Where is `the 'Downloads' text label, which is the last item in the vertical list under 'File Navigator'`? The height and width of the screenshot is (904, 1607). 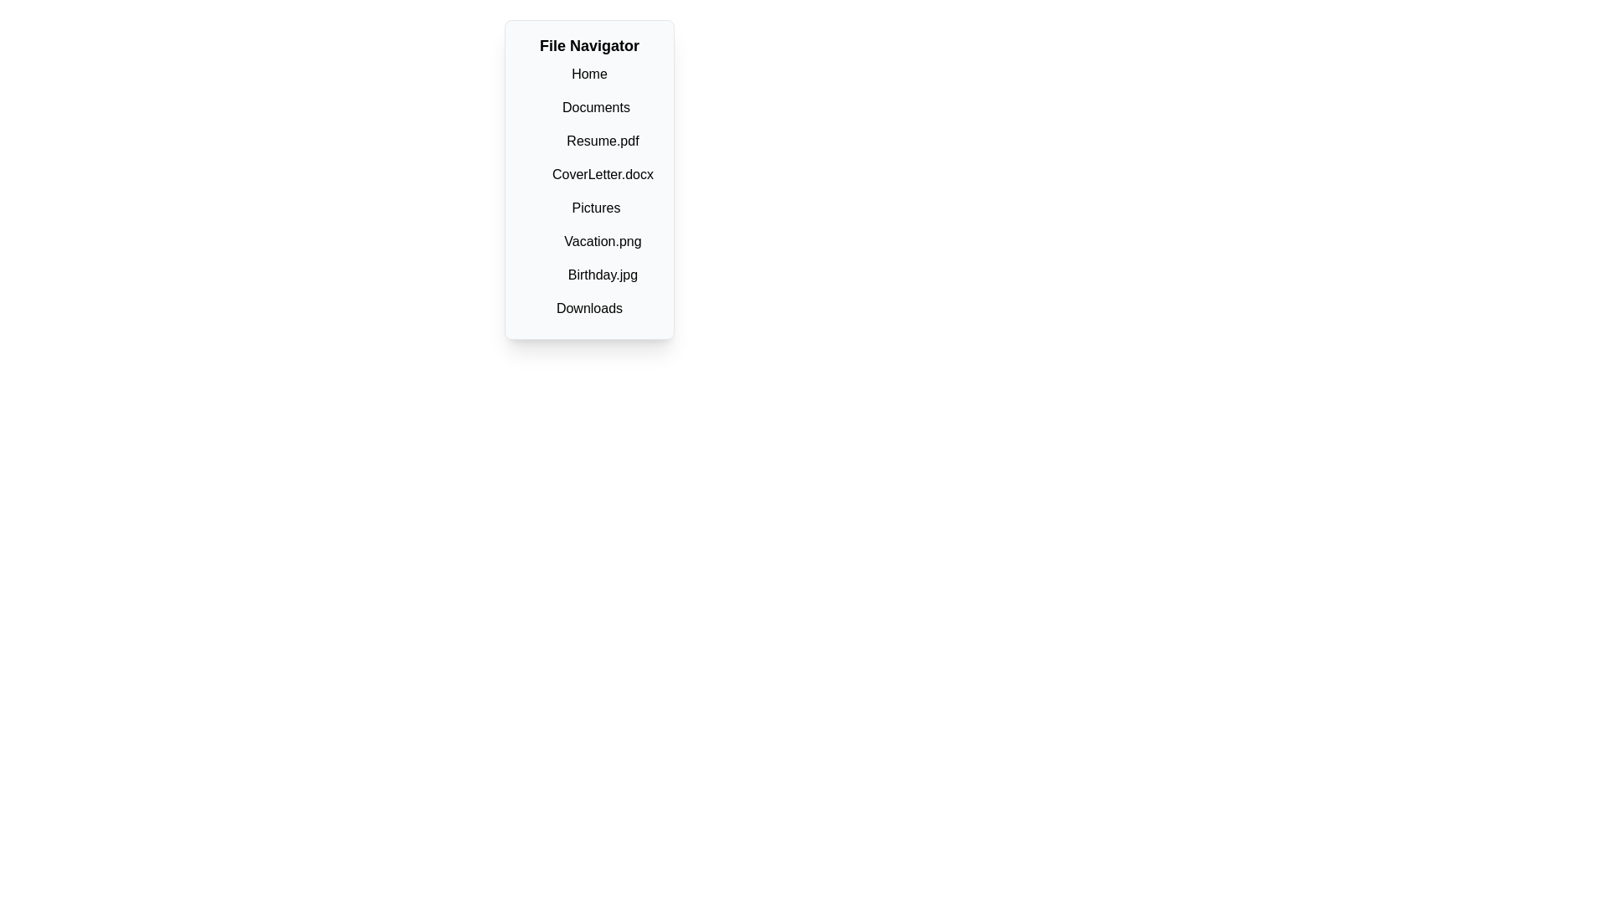
the 'Downloads' text label, which is the last item in the vertical list under 'File Navigator' is located at coordinates (589, 308).